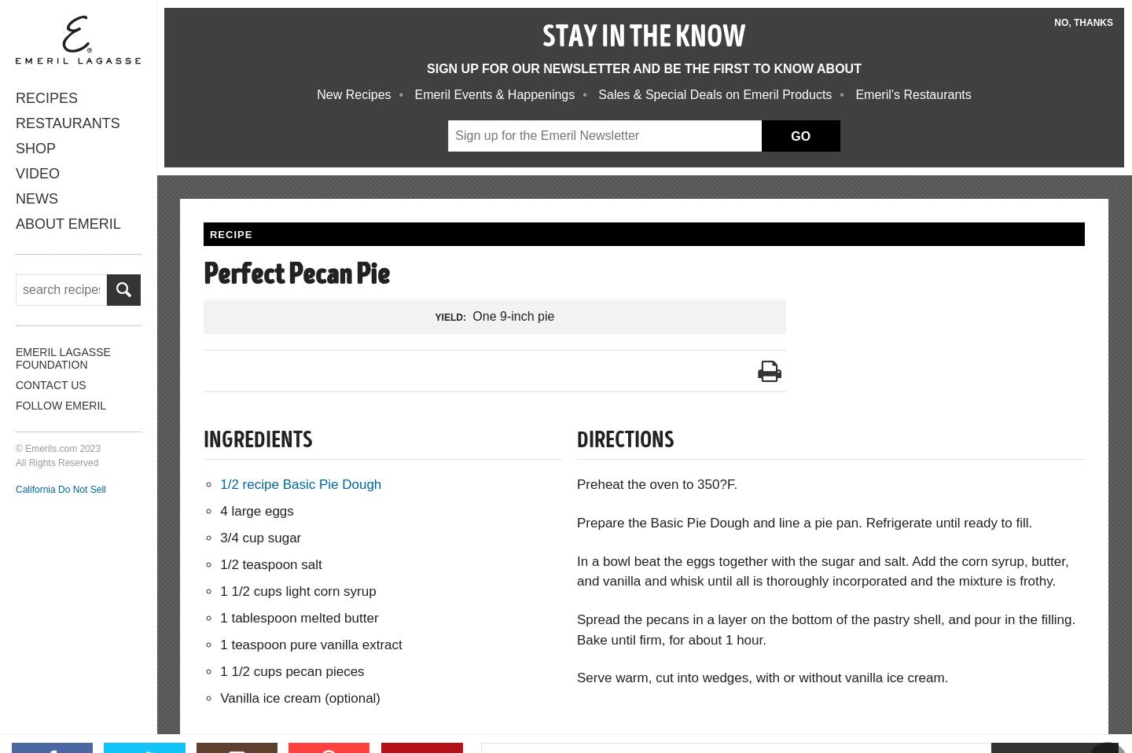 The height and width of the screenshot is (753, 1132). I want to click on 'Perfect Pecan Pie', so click(296, 275).